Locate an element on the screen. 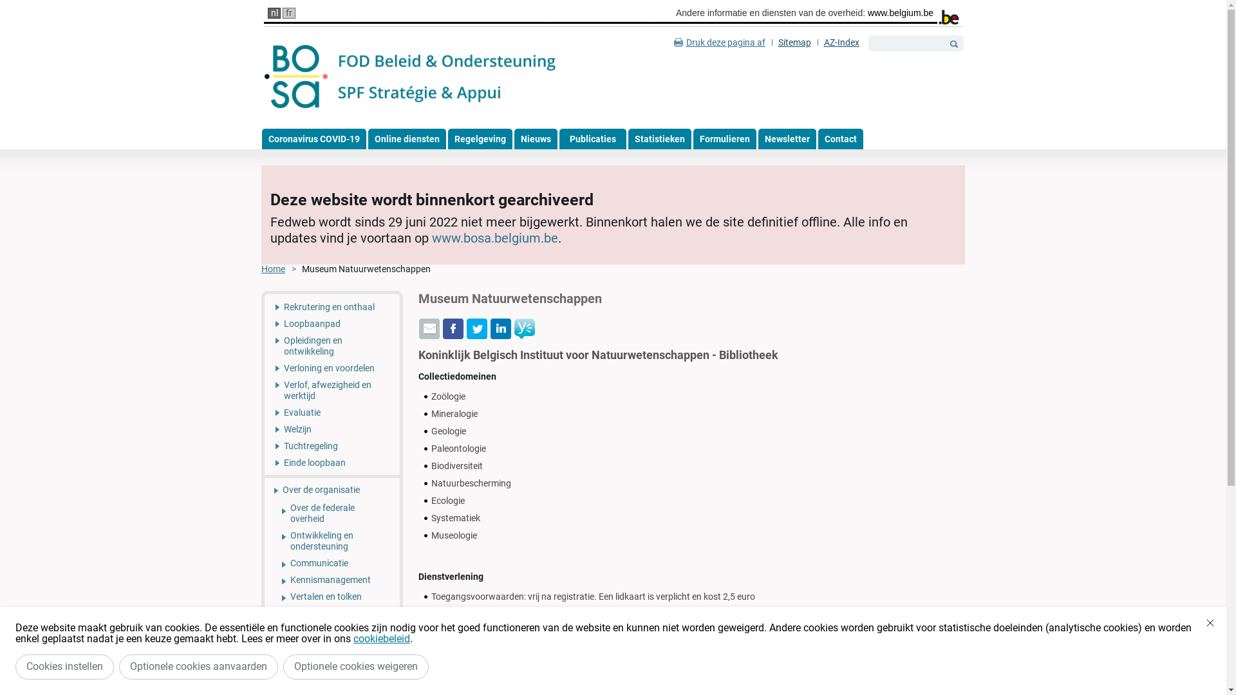  'Publicaties' is located at coordinates (592, 139).